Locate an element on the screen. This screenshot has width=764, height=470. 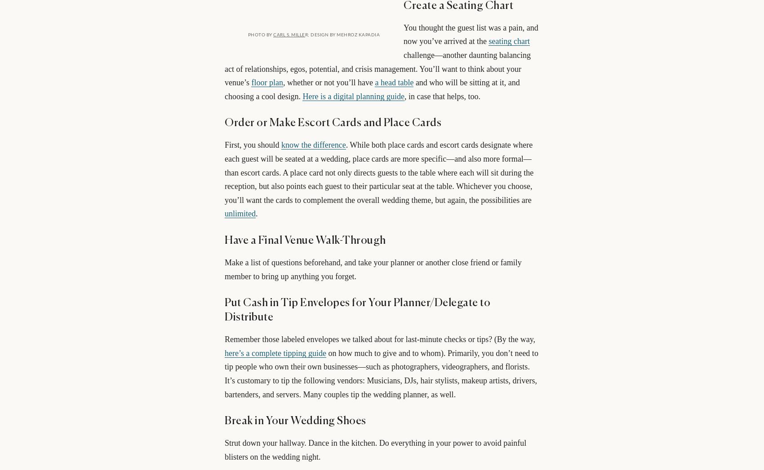
'First, you should' is located at coordinates (253, 144).